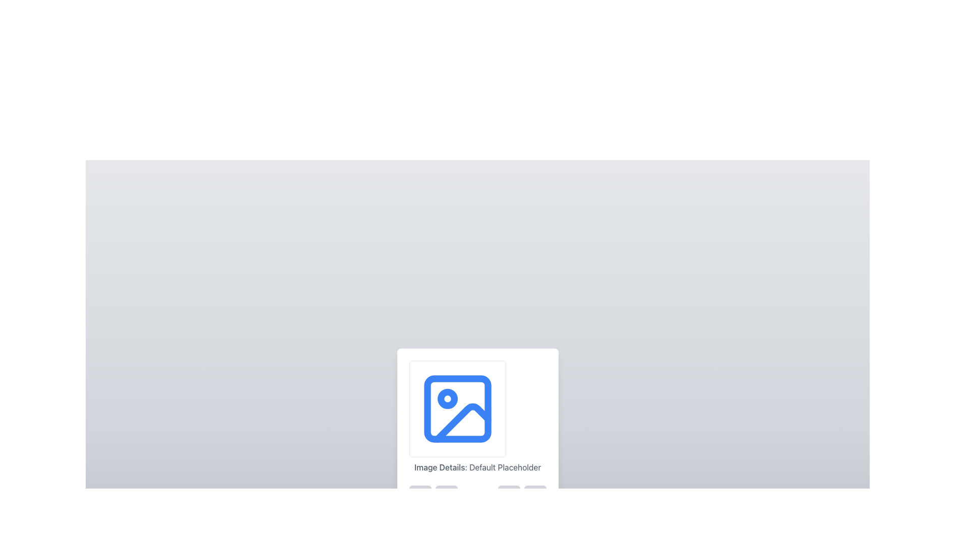  I want to click on the leftmost button within the group of two buttons styled with gray backgrounds and rounded corners, located below the 'Image Details: Default Placeholder', so click(433, 494).